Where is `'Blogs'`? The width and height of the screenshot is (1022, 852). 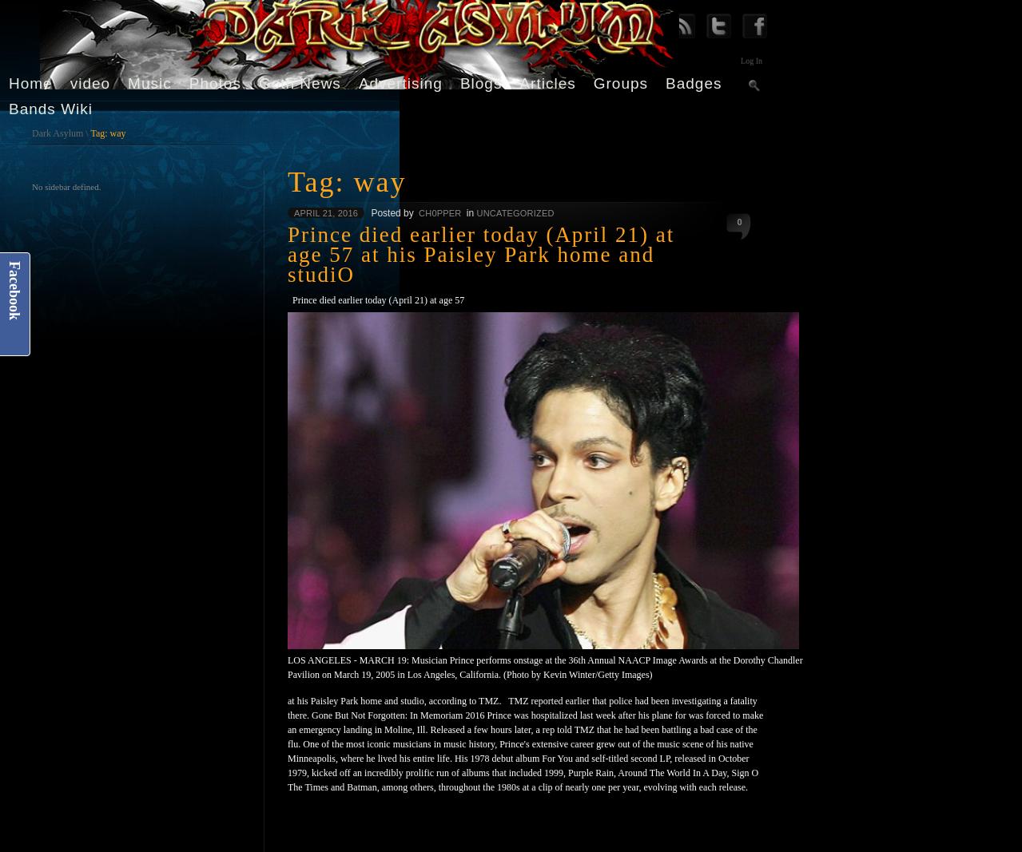
'Blogs' is located at coordinates (480, 82).